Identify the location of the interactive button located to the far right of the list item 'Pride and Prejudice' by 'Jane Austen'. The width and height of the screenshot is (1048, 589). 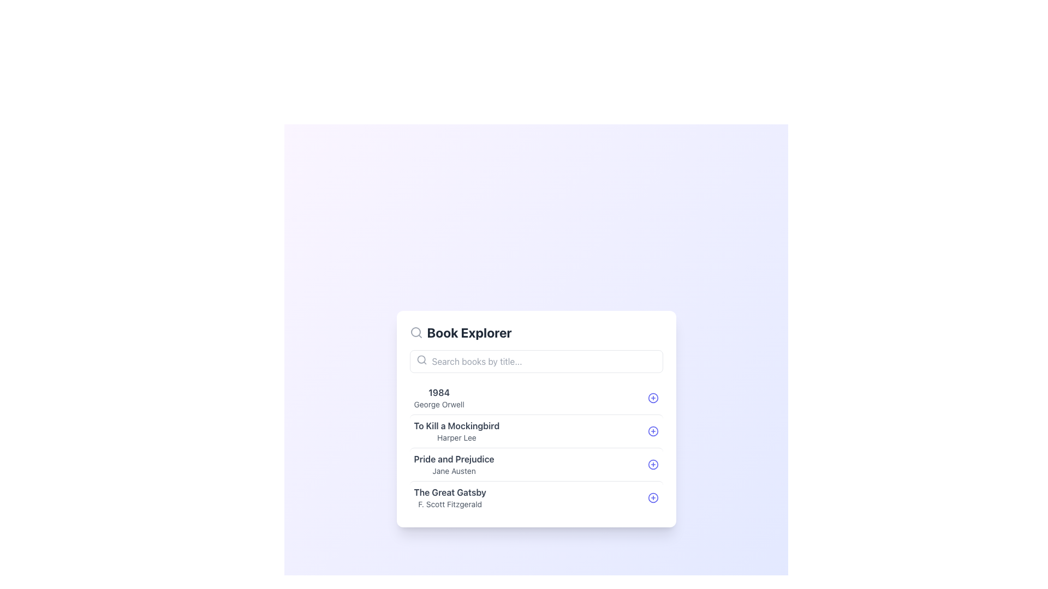
(653, 464).